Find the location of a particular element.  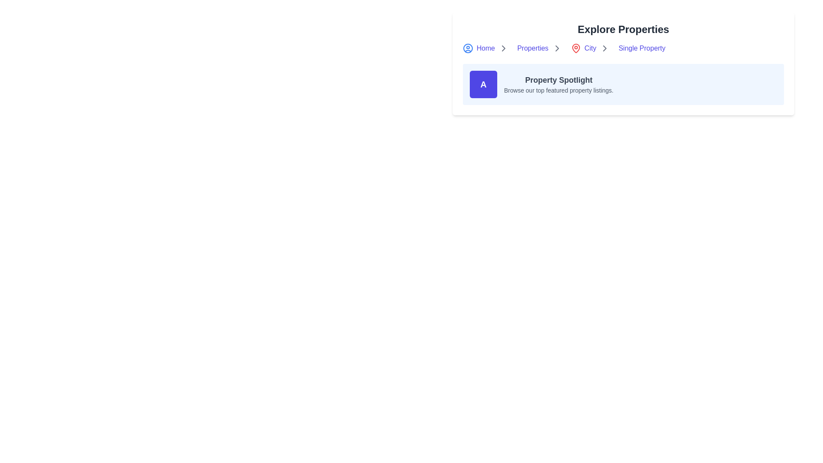

the third segment of the breadcrumb navigation bar that links to the 'City' section is located at coordinates (592, 48).